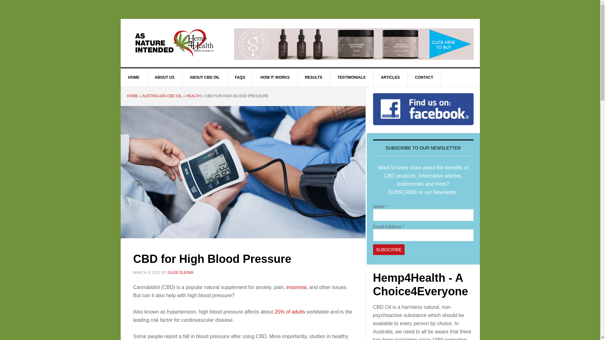 This screenshot has height=340, width=605. Describe the element at coordinates (390, 77) in the screenshot. I see `'ARTICLES'` at that location.